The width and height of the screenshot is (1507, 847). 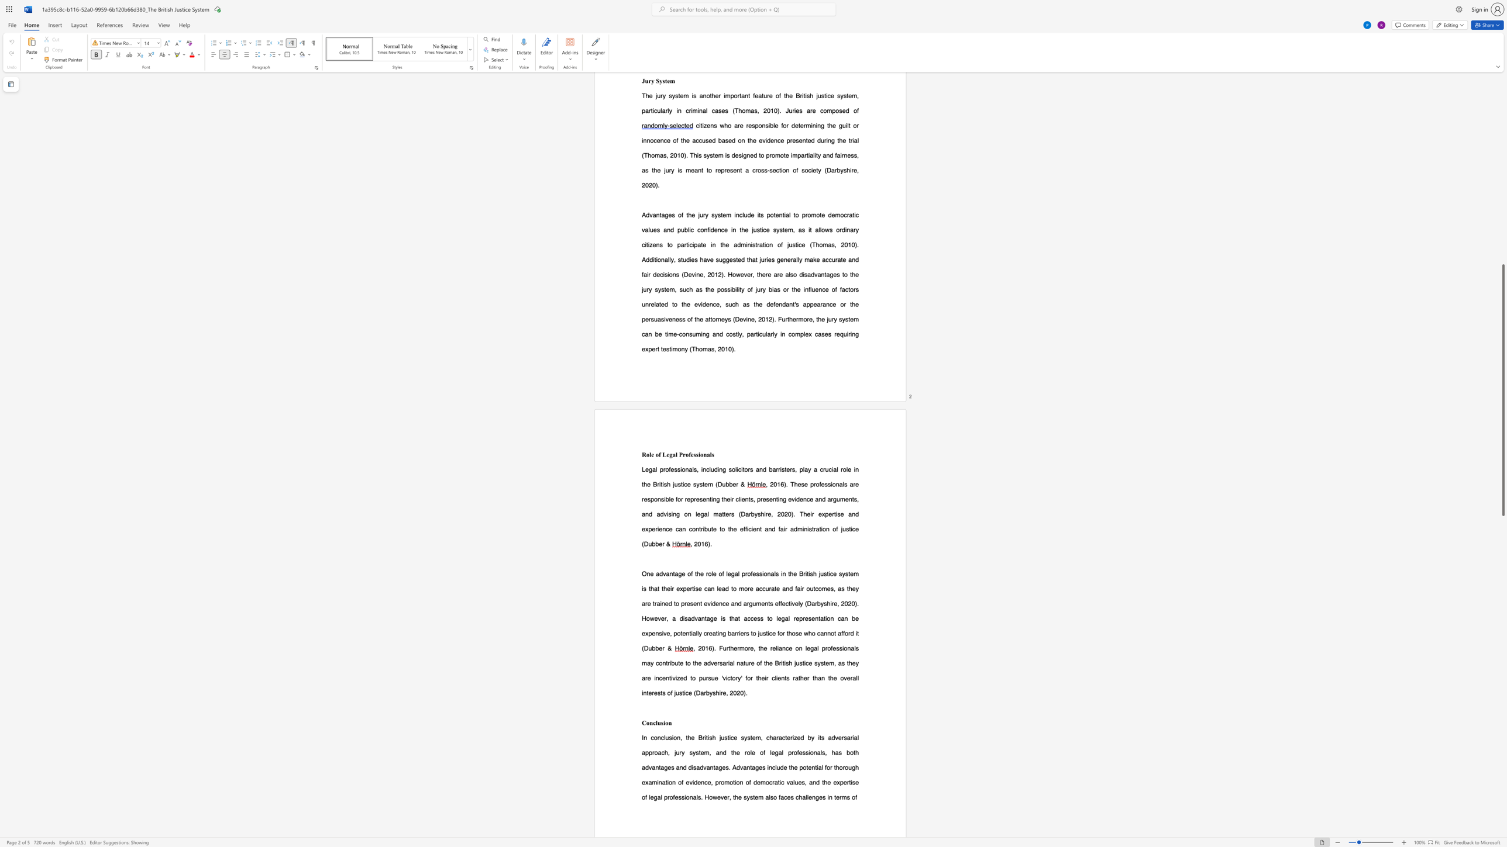 I want to click on the subset text "e efficient and fair administration o" within the text "and experience can contribute to the efficient and fair administration of justice", so click(x=732, y=528).